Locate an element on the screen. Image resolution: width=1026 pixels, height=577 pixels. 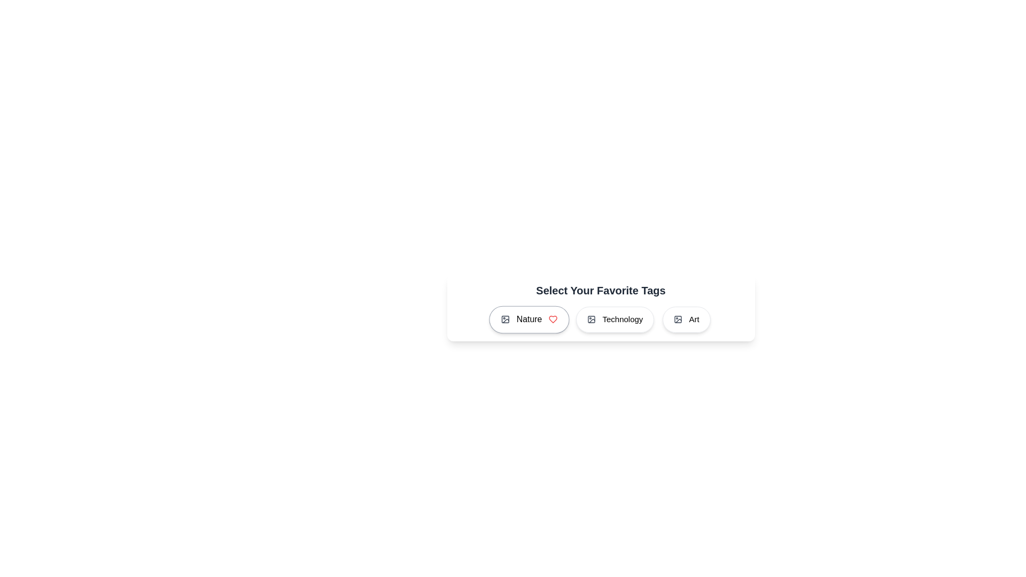
the icon inside the tag labeled Technology is located at coordinates (591, 319).